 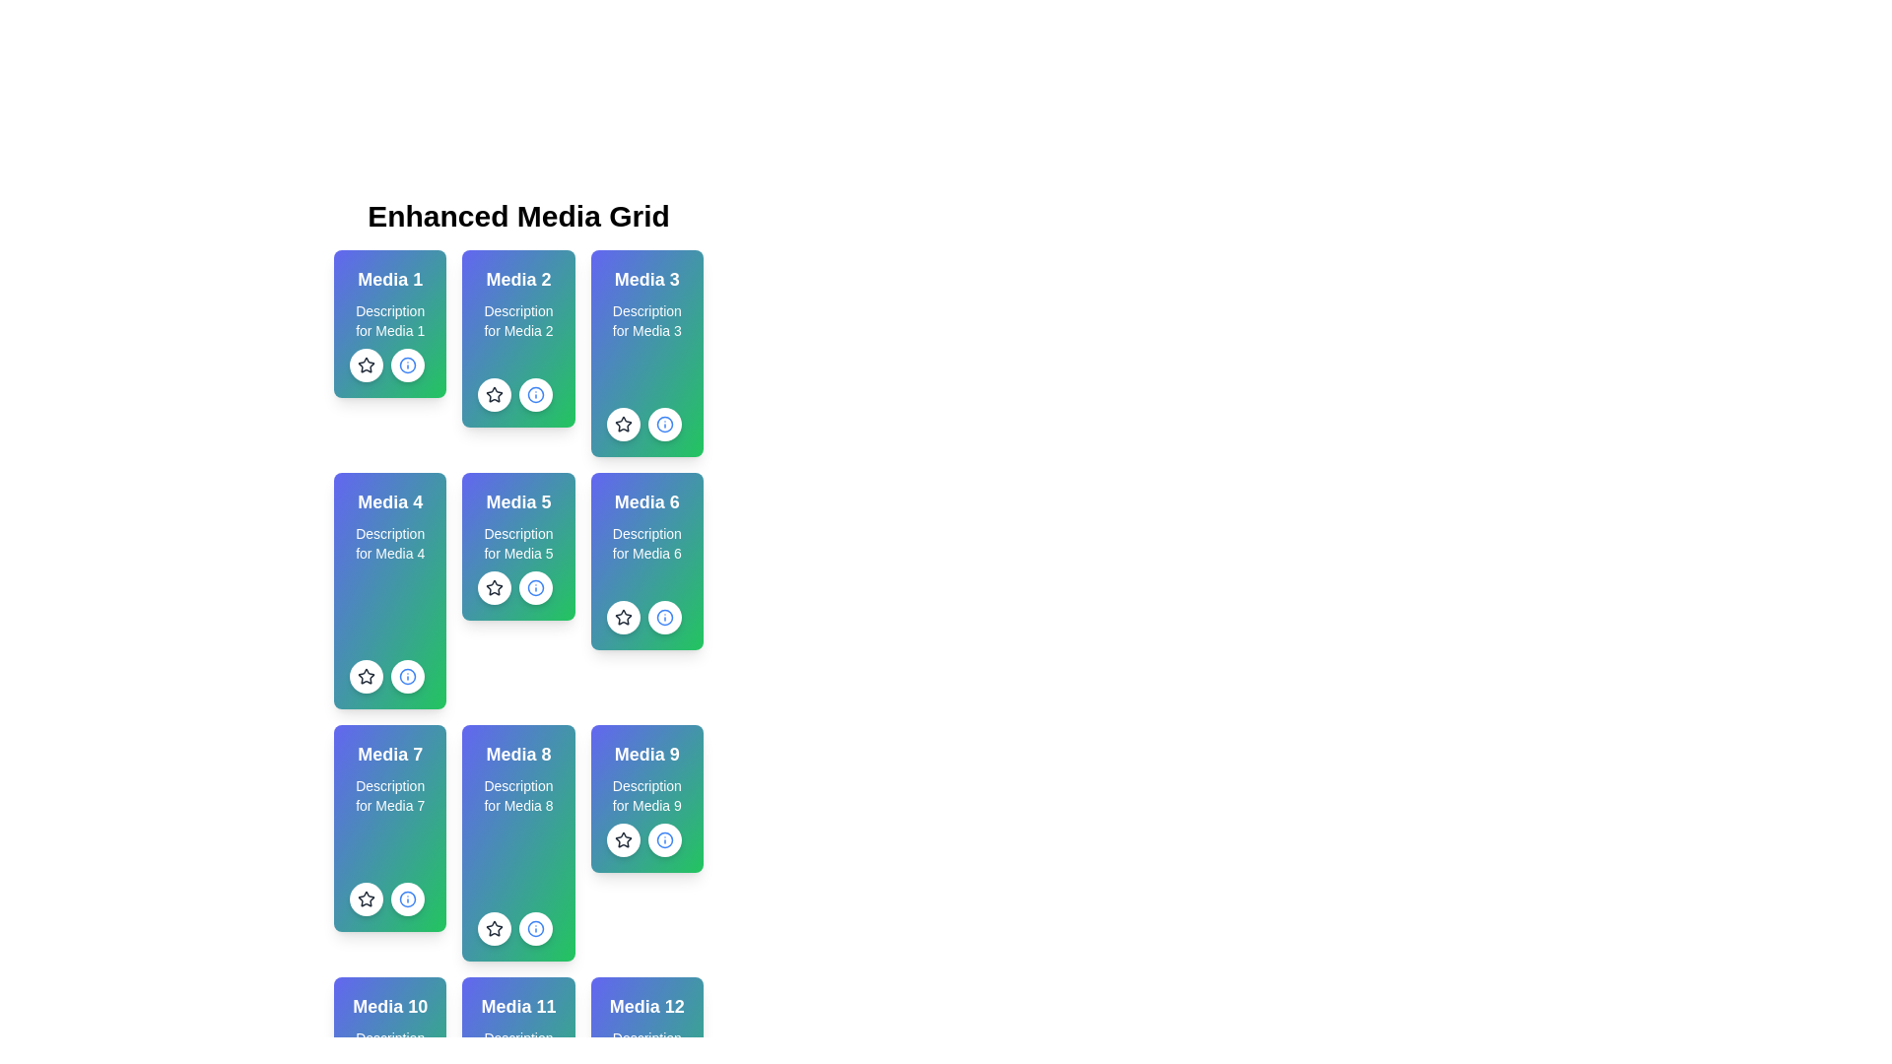 What do you see at coordinates (518, 547) in the screenshot?
I see `the info icon on the Media 5 card, which is styled with a gradient background and has the text 'Media 5' at the top` at bounding box center [518, 547].